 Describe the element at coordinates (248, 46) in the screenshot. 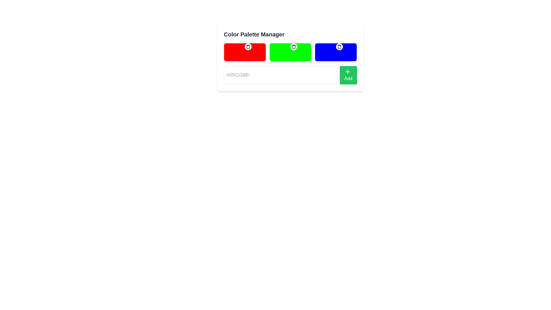

I see `the small circular button with a trash can icon located at the top right corner of the red rectangular section` at that location.